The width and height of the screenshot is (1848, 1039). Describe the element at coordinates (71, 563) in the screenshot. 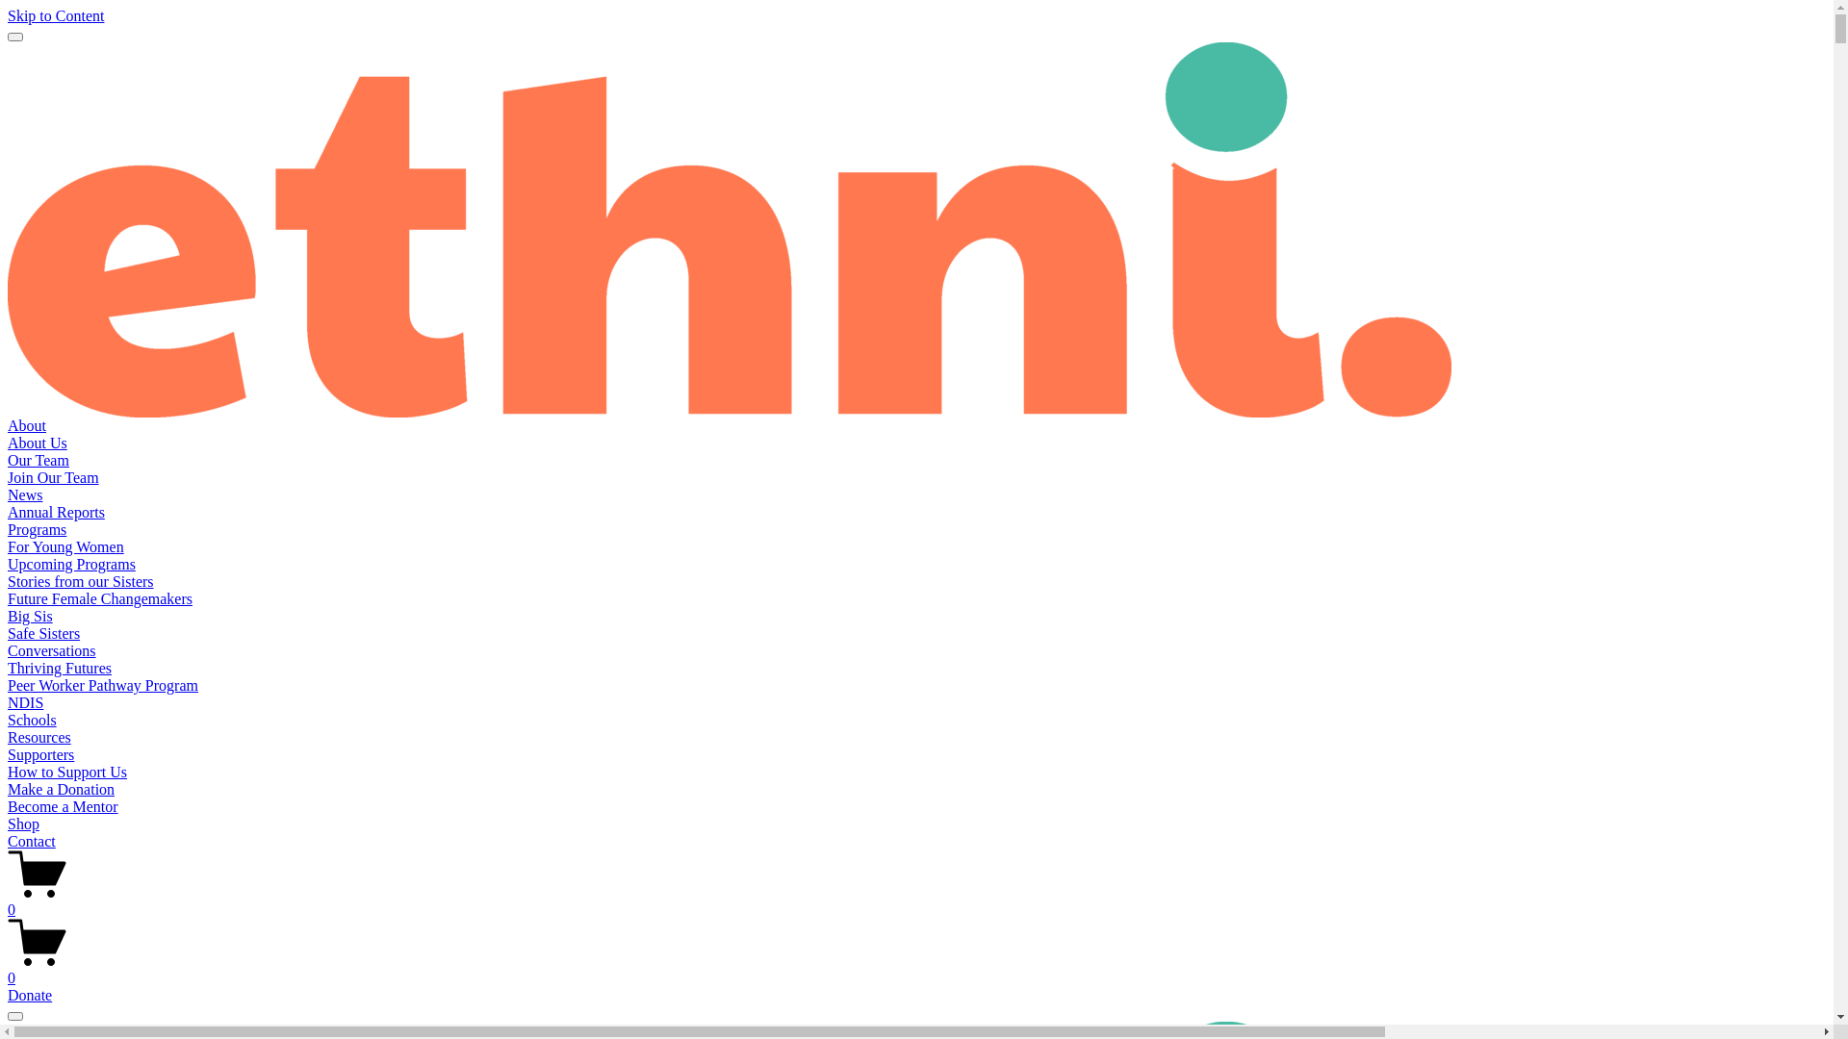

I see `'Upcoming Programs'` at that location.